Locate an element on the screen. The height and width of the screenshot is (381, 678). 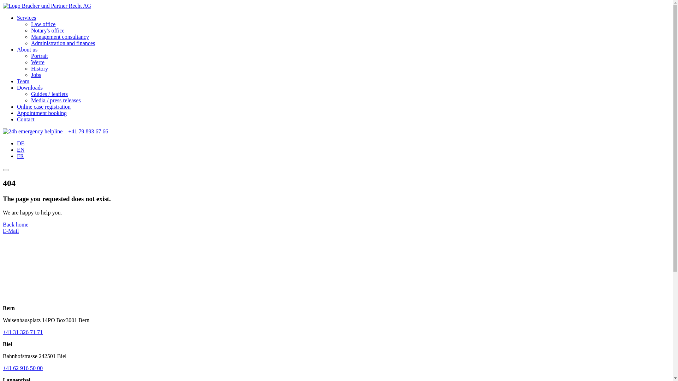
'Back home' is located at coordinates (15, 224).